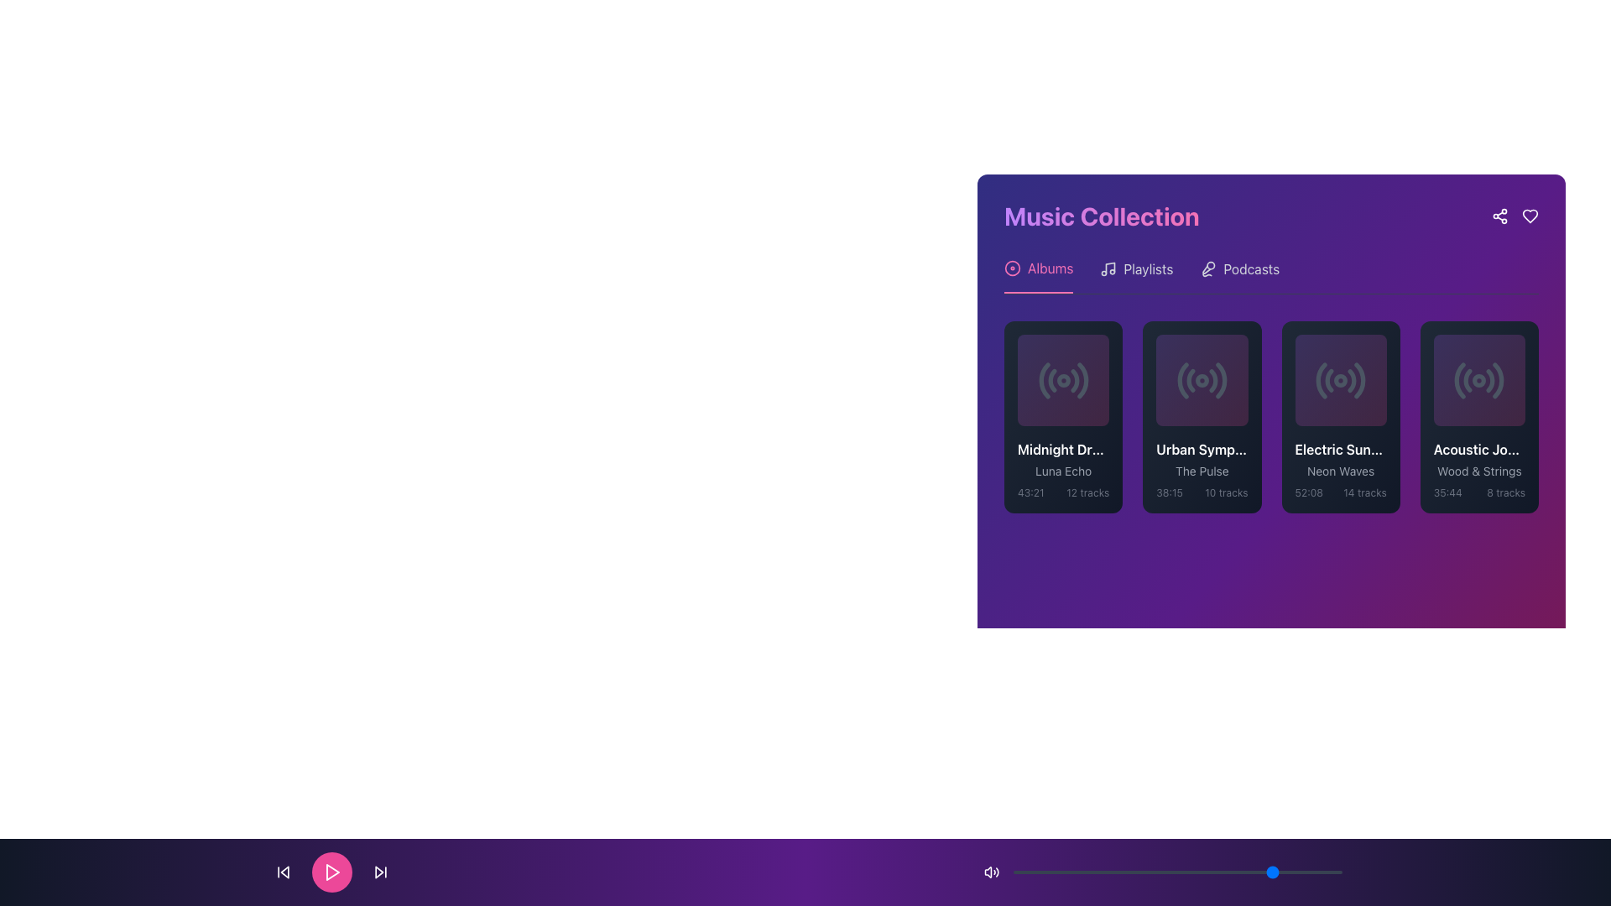  I want to click on the slider value, so click(1227, 872).